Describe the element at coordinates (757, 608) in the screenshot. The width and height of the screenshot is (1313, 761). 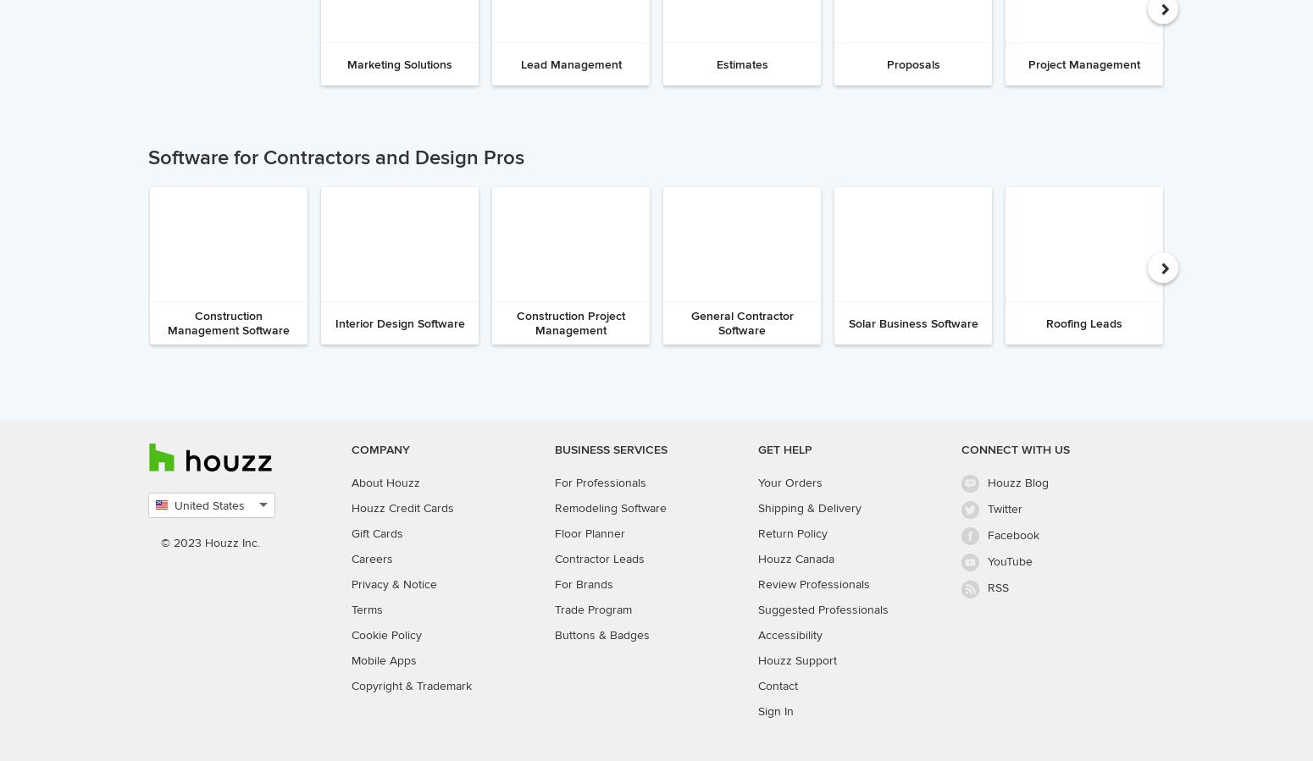
I see `'Suggested Professionals'` at that location.